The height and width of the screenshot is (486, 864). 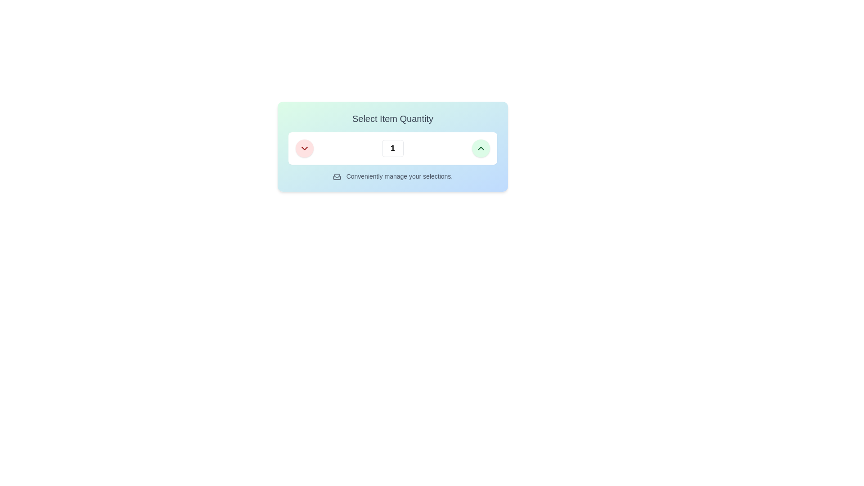 What do you see at coordinates (336, 177) in the screenshot?
I see `the inbox tray icon, which is a minimalist dark gray icon resembling an inbox tray, positioned to the left of the text 'Conveniently manage your selections.'` at bounding box center [336, 177].